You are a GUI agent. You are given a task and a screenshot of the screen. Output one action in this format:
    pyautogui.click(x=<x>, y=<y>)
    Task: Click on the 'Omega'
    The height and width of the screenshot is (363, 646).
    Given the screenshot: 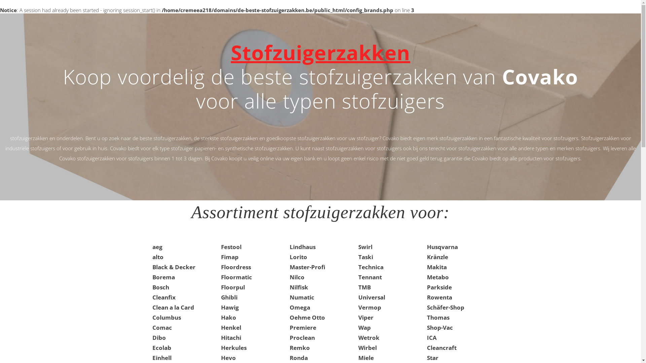 What is the action you would take?
    pyautogui.click(x=299, y=307)
    